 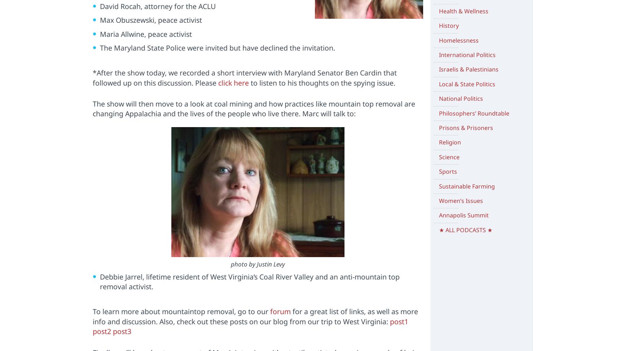 What do you see at coordinates (463, 215) in the screenshot?
I see `'Annapolis Summit'` at bounding box center [463, 215].